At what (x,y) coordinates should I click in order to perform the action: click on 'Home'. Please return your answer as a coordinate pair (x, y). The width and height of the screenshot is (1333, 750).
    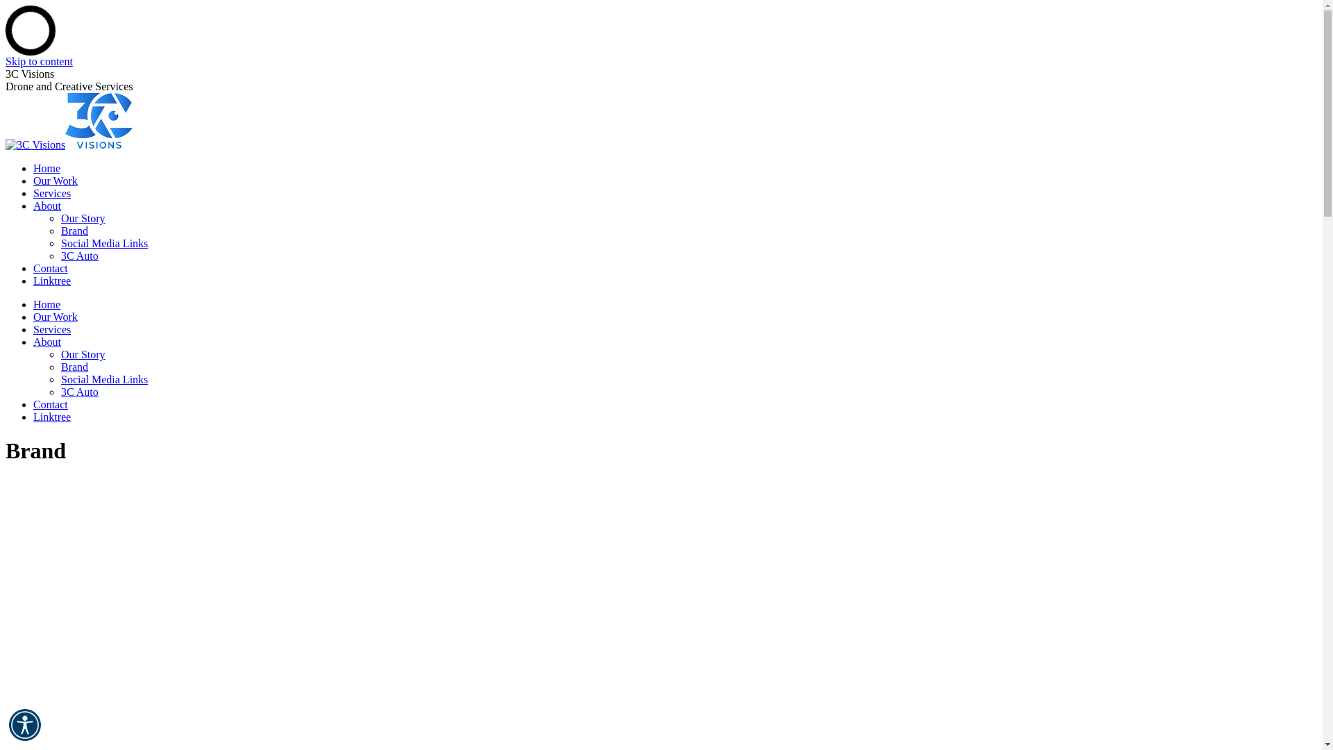
    Looking at the image, I should click on (47, 167).